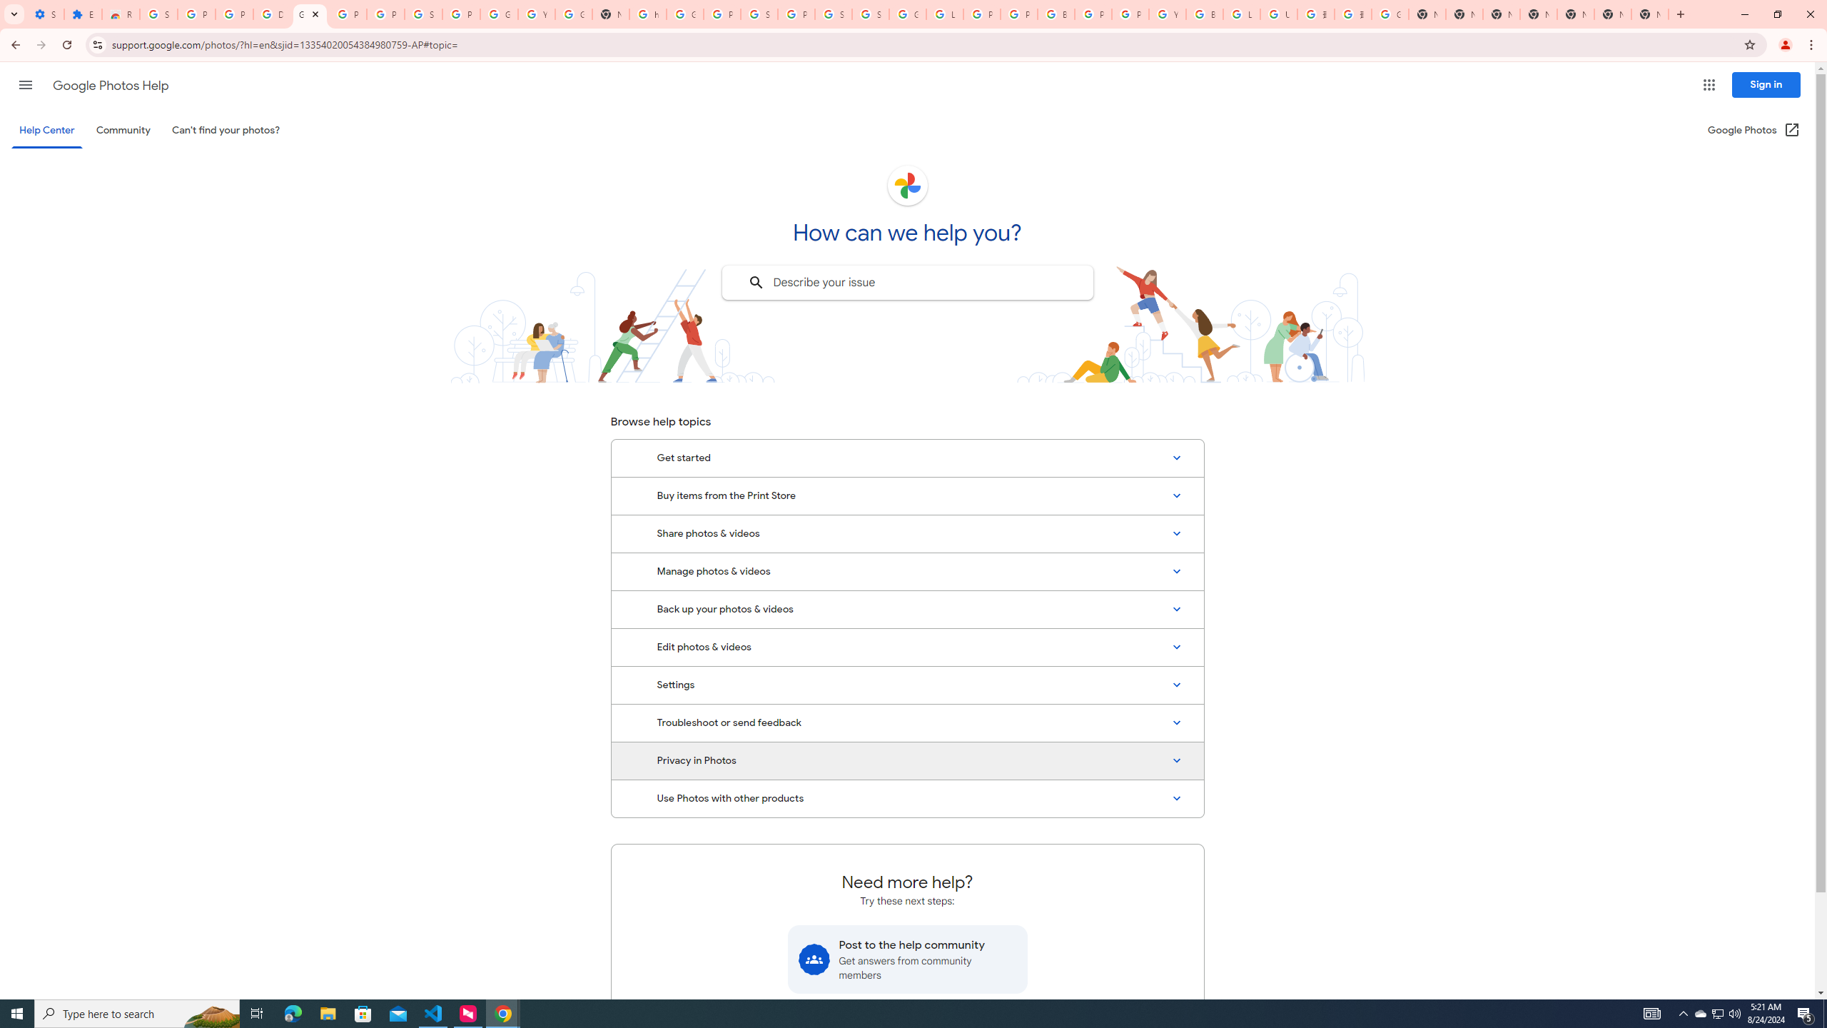 This screenshot has height=1028, width=1827. I want to click on 'Privacy in Photos', so click(907, 760).